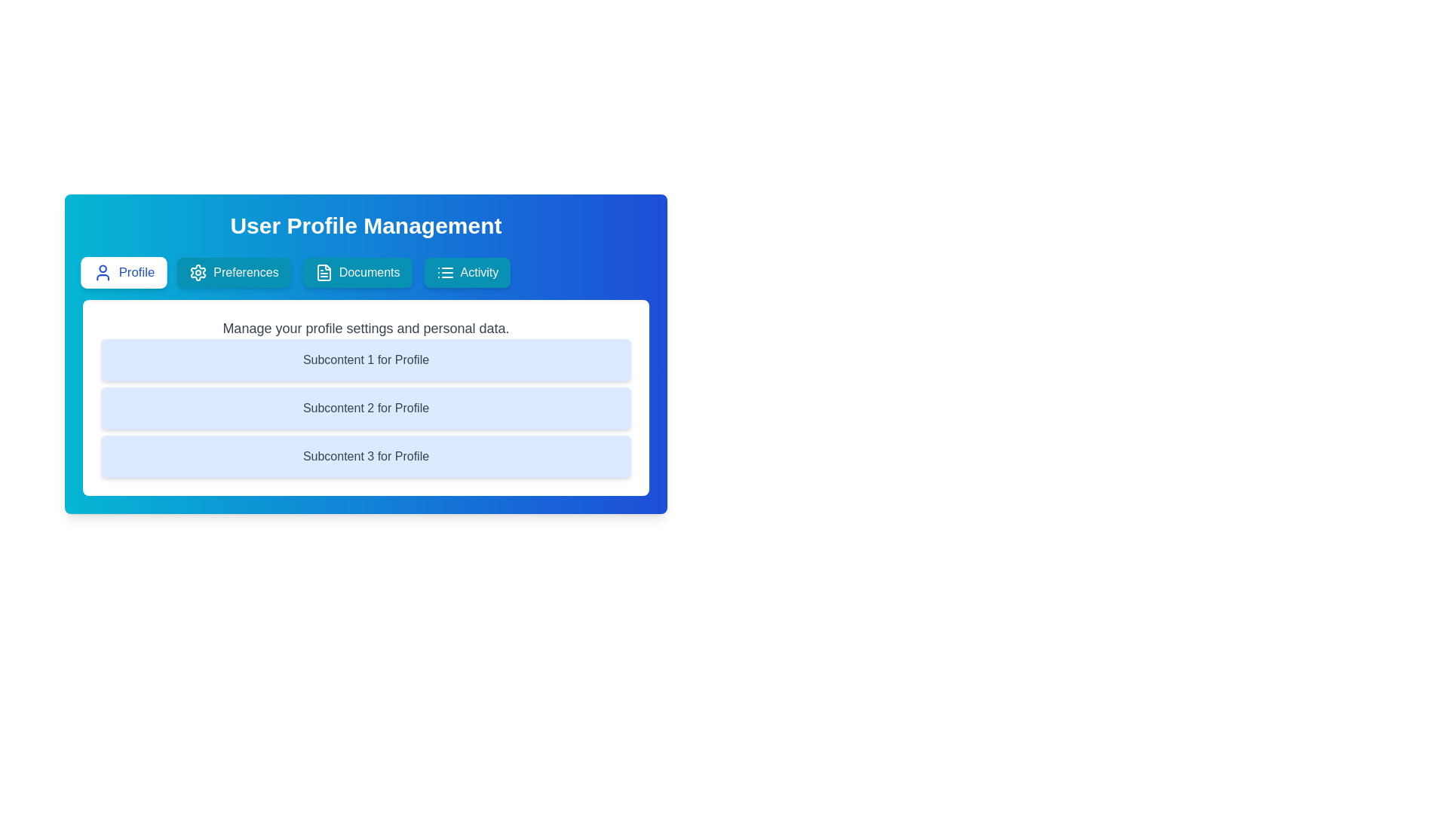 The height and width of the screenshot is (814, 1448). What do you see at coordinates (466, 273) in the screenshot?
I see `the 'Activity' button styled with rounded edges and a cyan background to switch to the 'Activity' section in the User Profile Management tab list` at bounding box center [466, 273].